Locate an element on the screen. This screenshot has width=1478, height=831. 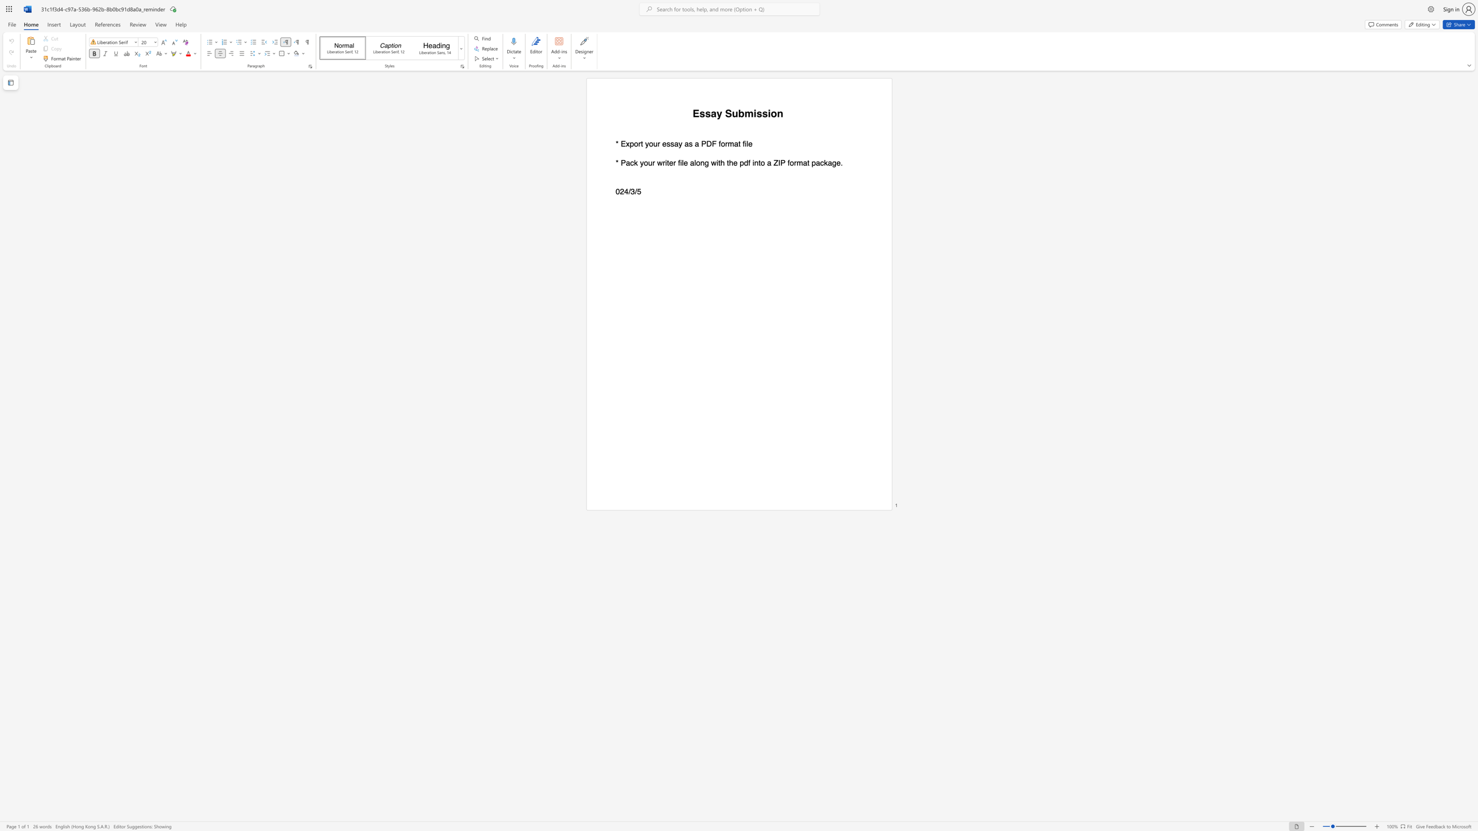
the 1th character "a" in the text is located at coordinates (675, 144).